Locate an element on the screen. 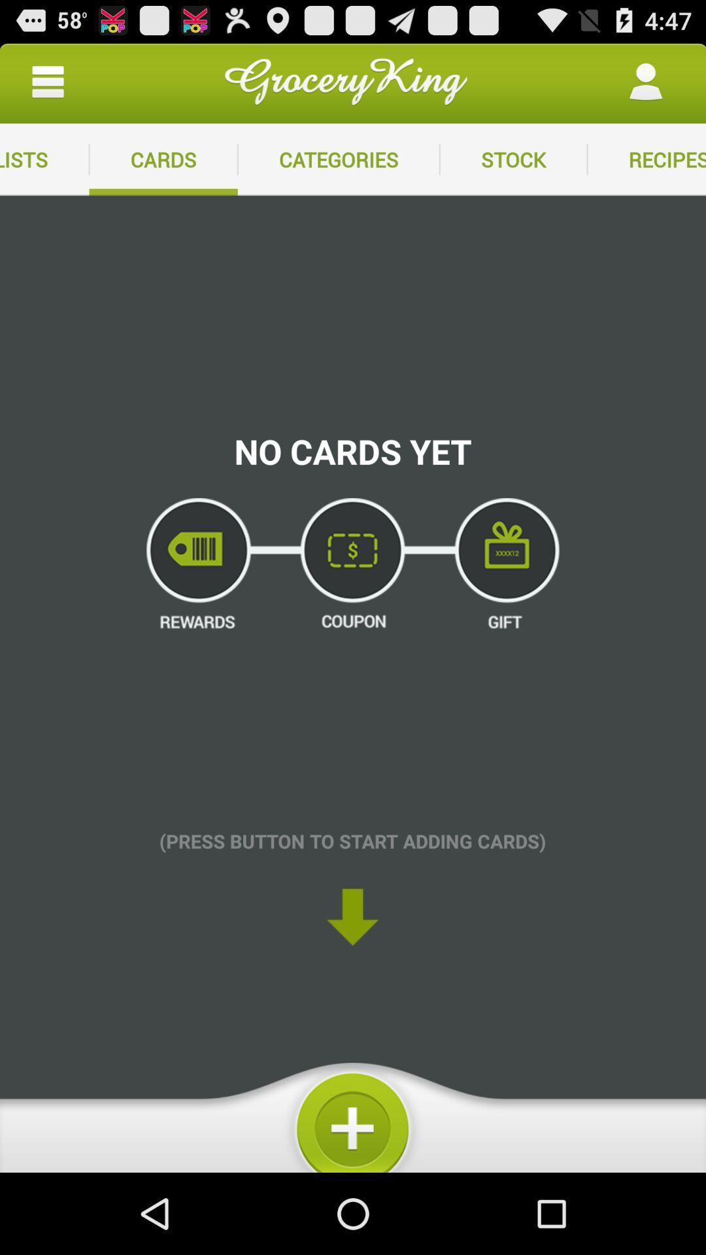  item next to the cards is located at coordinates (338, 159).